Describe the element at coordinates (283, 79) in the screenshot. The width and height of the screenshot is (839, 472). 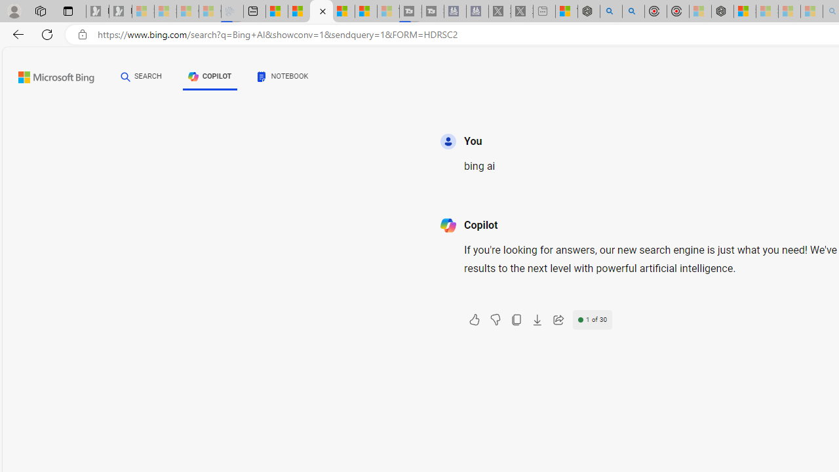
I see `'NOTEBOOK'` at that location.